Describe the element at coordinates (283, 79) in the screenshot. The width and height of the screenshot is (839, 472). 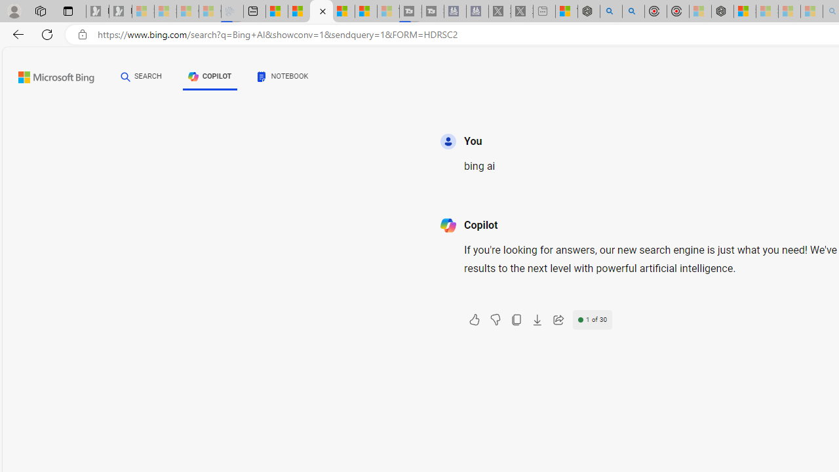
I see `'NOTEBOOK'` at that location.